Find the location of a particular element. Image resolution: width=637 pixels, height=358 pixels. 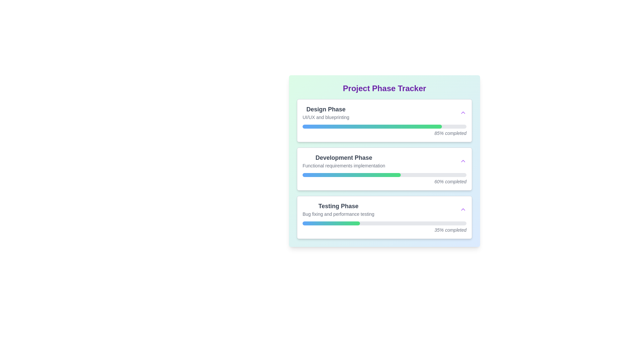

the text label that reads 'Development Phase', which is styled with a bold font and larger size, located at the center of the middle card in the vertical stack of phase cards is located at coordinates (344, 157).